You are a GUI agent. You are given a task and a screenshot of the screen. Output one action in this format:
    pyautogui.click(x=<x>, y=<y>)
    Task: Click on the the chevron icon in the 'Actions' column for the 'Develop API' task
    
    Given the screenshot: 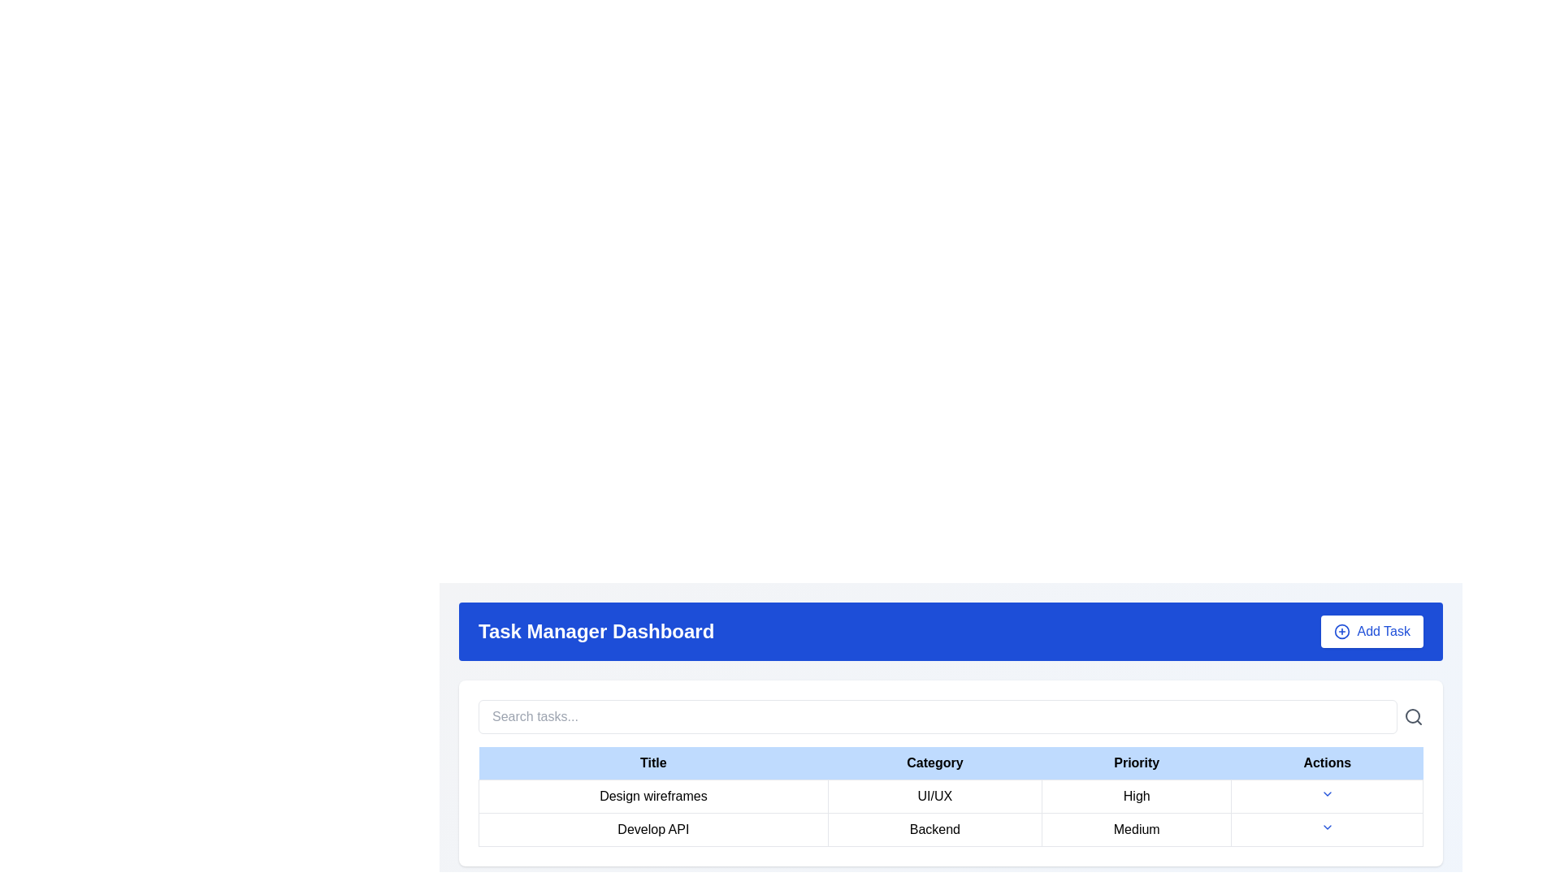 What is the action you would take?
    pyautogui.click(x=1327, y=827)
    